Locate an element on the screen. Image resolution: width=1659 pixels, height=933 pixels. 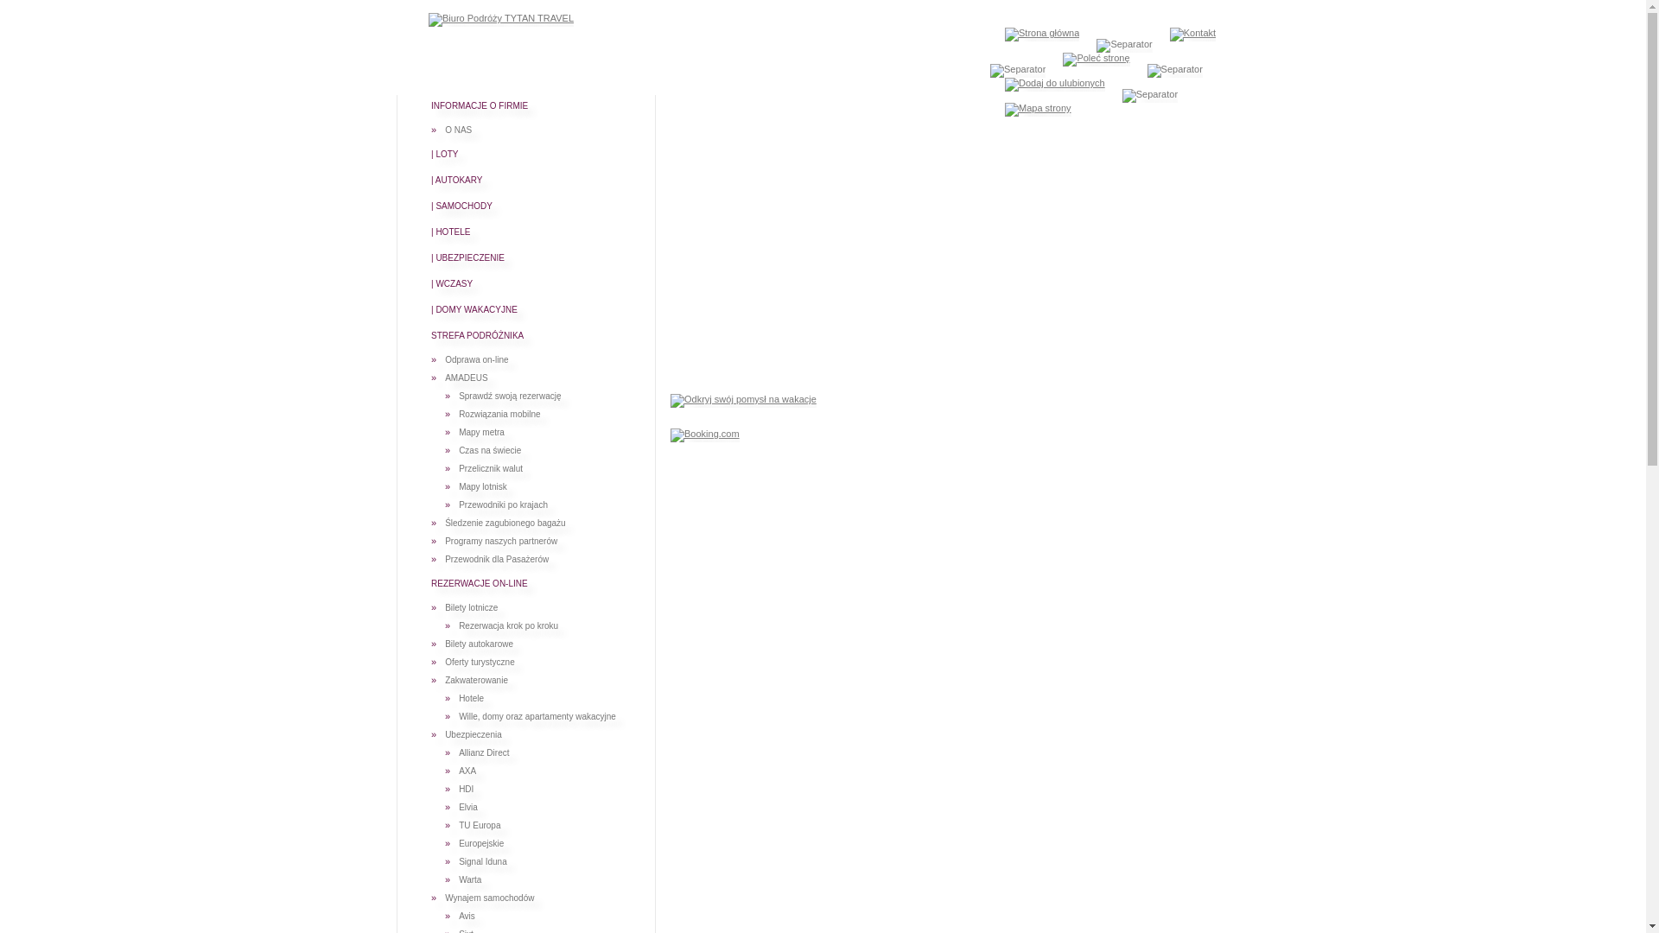
'Odprawa on-line' is located at coordinates (476, 359).